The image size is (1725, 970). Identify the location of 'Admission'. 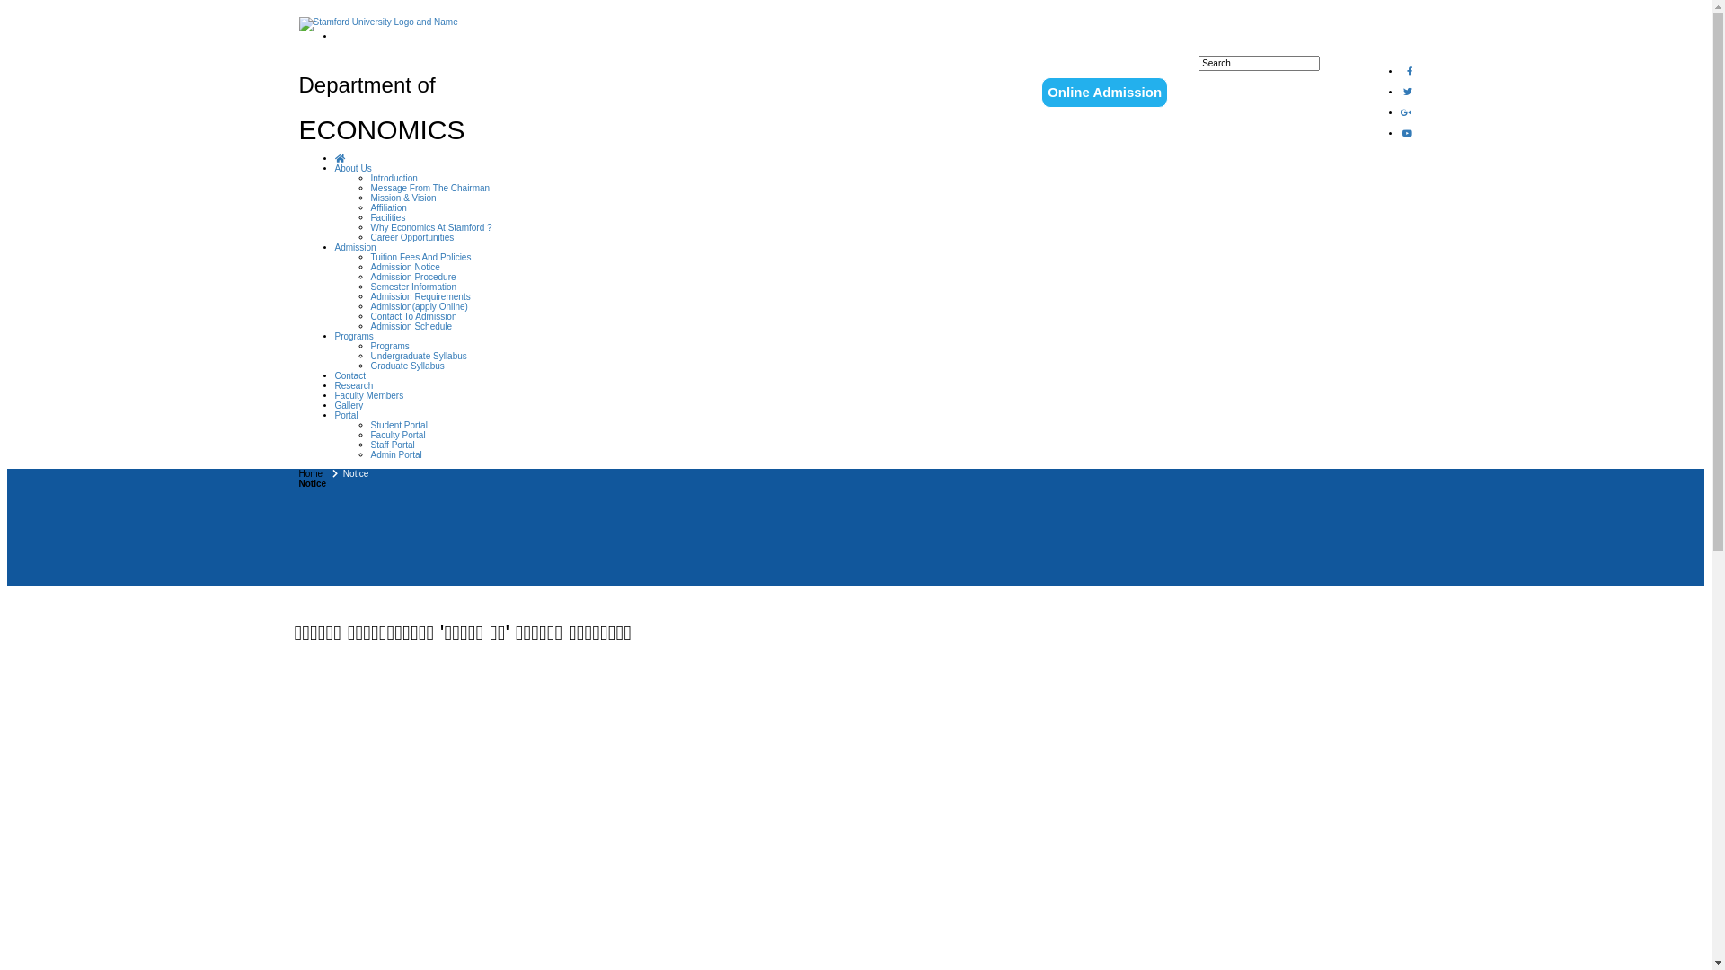
(354, 247).